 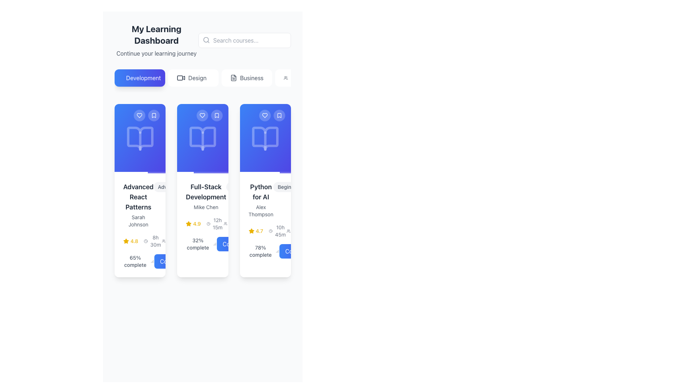 I want to click on text value of the Rating indicator located within the 'Full-Stack Development' card, which is positioned directly below the course title, so click(x=193, y=224).